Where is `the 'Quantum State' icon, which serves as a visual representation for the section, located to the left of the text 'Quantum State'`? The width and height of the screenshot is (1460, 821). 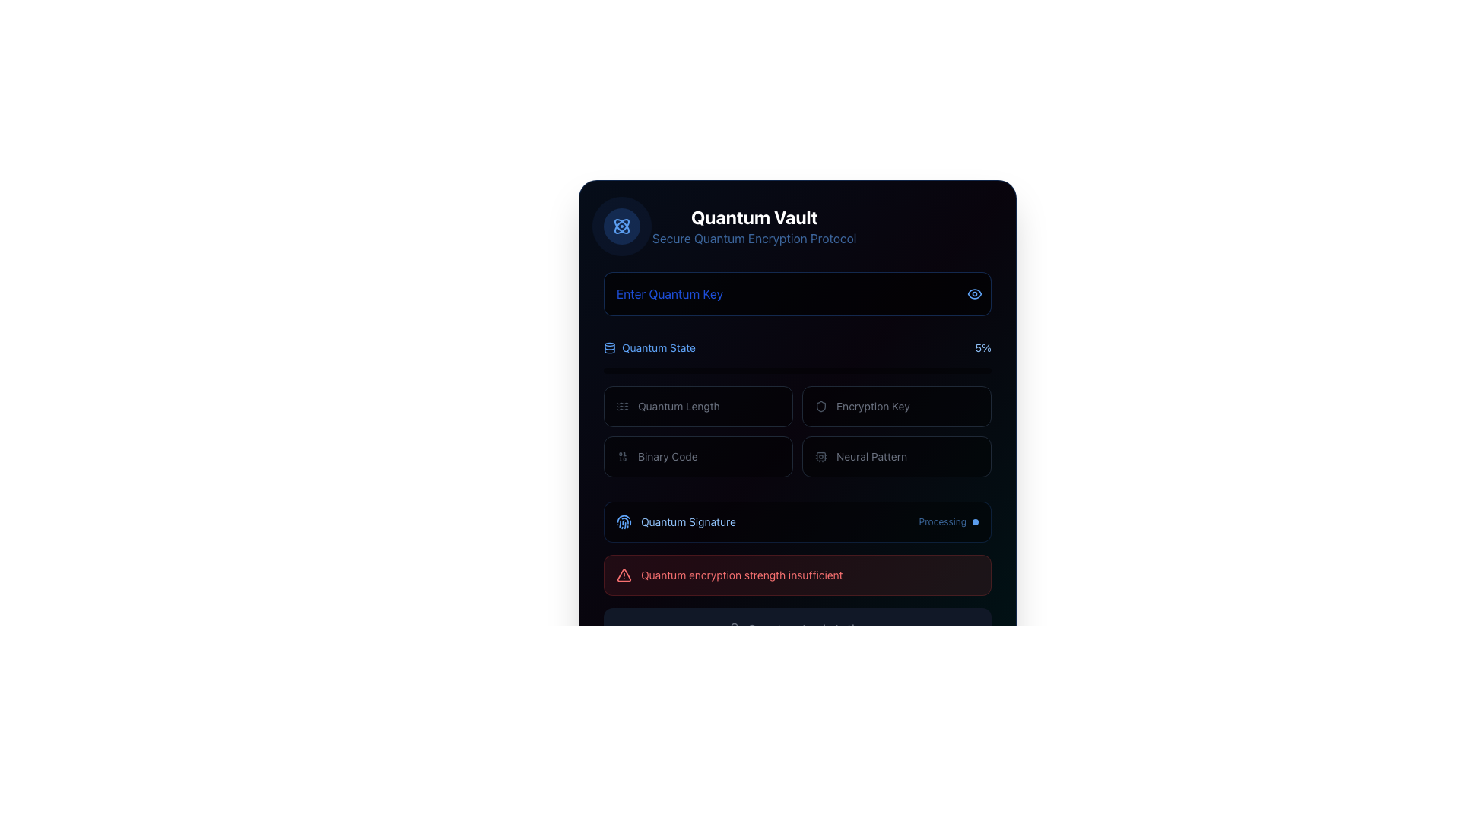 the 'Quantum State' icon, which serves as a visual representation for the section, located to the left of the text 'Quantum State' is located at coordinates (609, 348).